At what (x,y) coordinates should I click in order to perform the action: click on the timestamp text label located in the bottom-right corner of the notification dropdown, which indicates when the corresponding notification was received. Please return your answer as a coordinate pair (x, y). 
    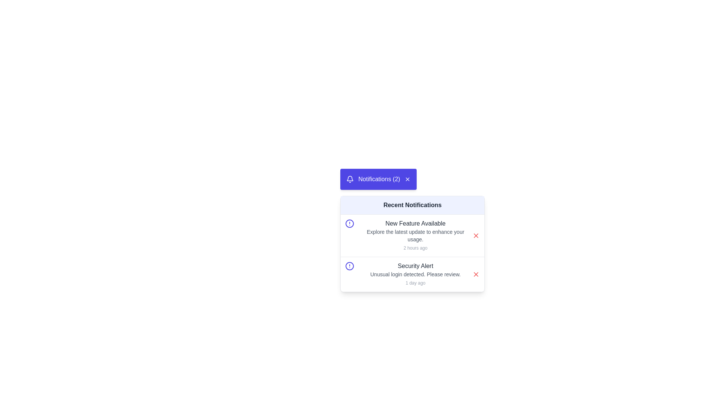
    Looking at the image, I should click on (415, 248).